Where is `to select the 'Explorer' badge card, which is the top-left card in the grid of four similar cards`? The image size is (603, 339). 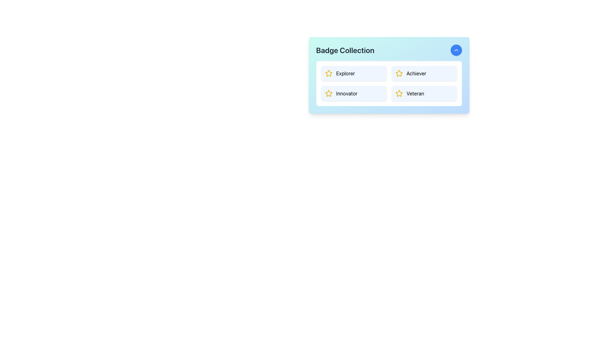 to select the 'Explorer' badge card, which is the top-left card in the grid of four similar cards is located at coordinates (354, 73).